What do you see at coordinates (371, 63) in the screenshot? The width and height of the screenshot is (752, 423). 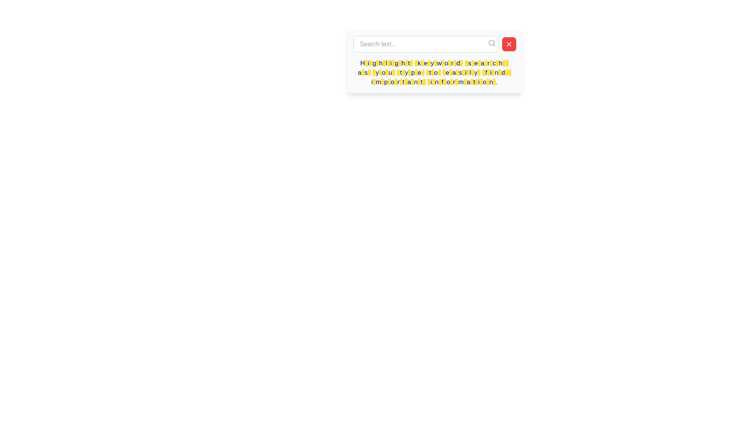 I see `the second highlighted text segment with a yellow background and black text in the top-left section of the text block that reads 'Highlight keyword search as you type to easily find important information.'` at bounding box center [371, 63].